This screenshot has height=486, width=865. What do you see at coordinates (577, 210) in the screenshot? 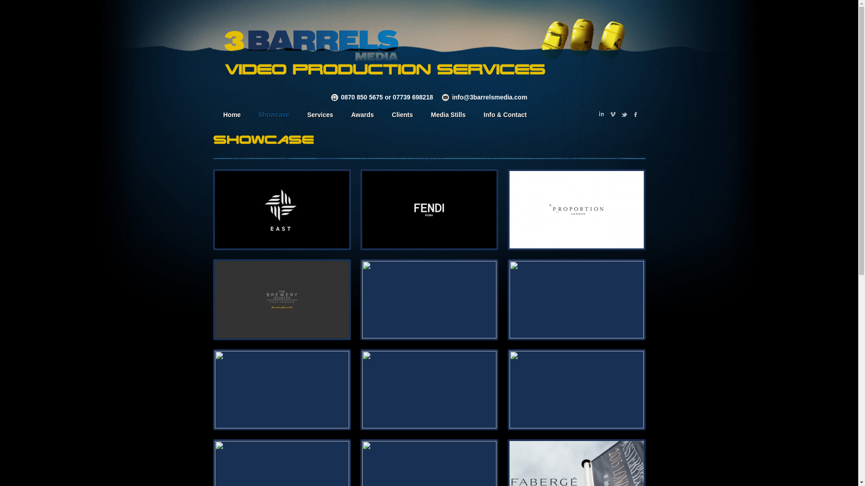
I see `'Proportion London'` at bounding box center [577, 210].